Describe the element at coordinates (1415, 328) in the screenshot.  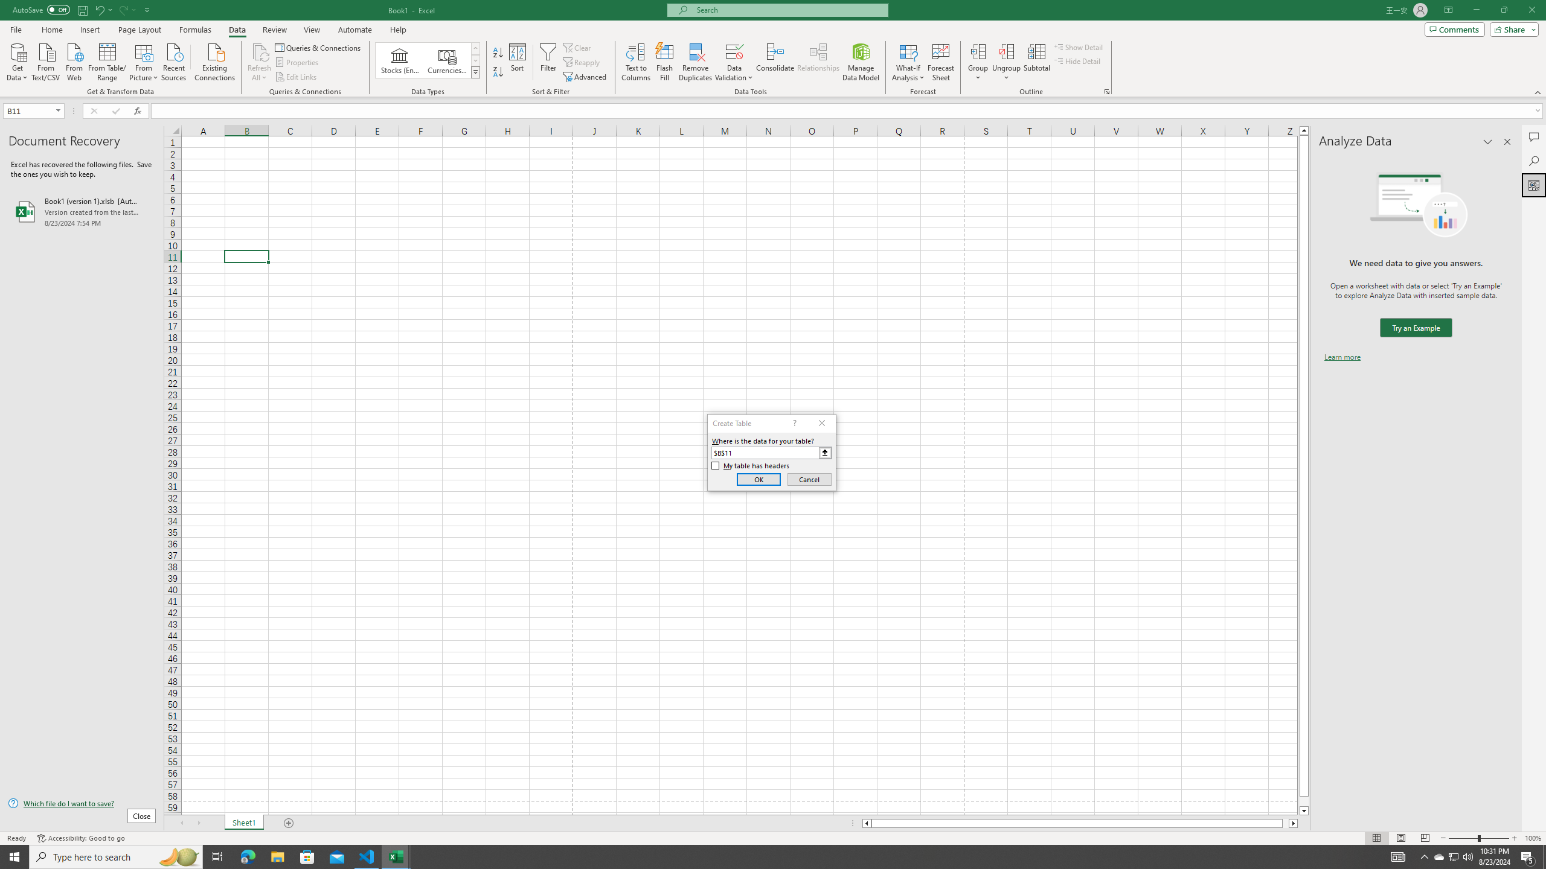
I see `'We need data to give you answers. Try an Example'` at that location.